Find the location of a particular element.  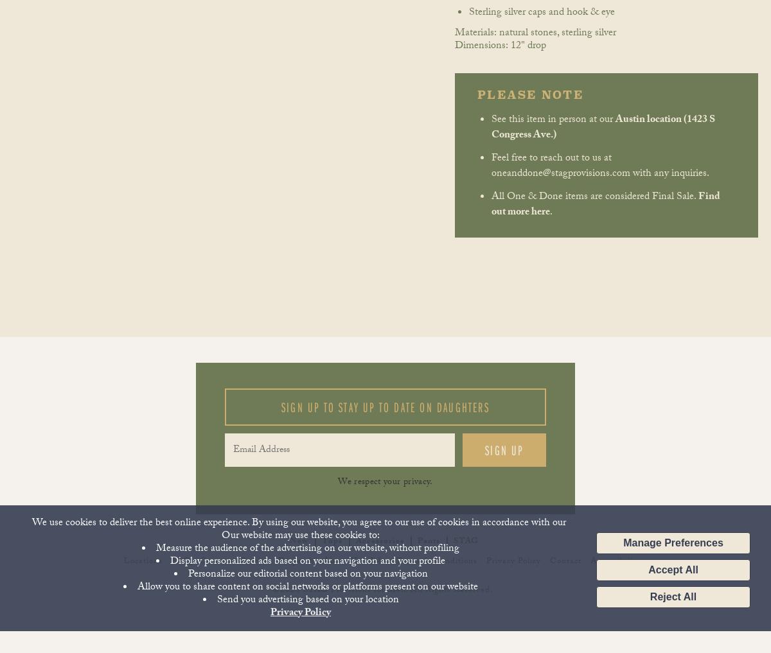

'Pay later in 4 installments complete' is located at coordinates (298, 91).